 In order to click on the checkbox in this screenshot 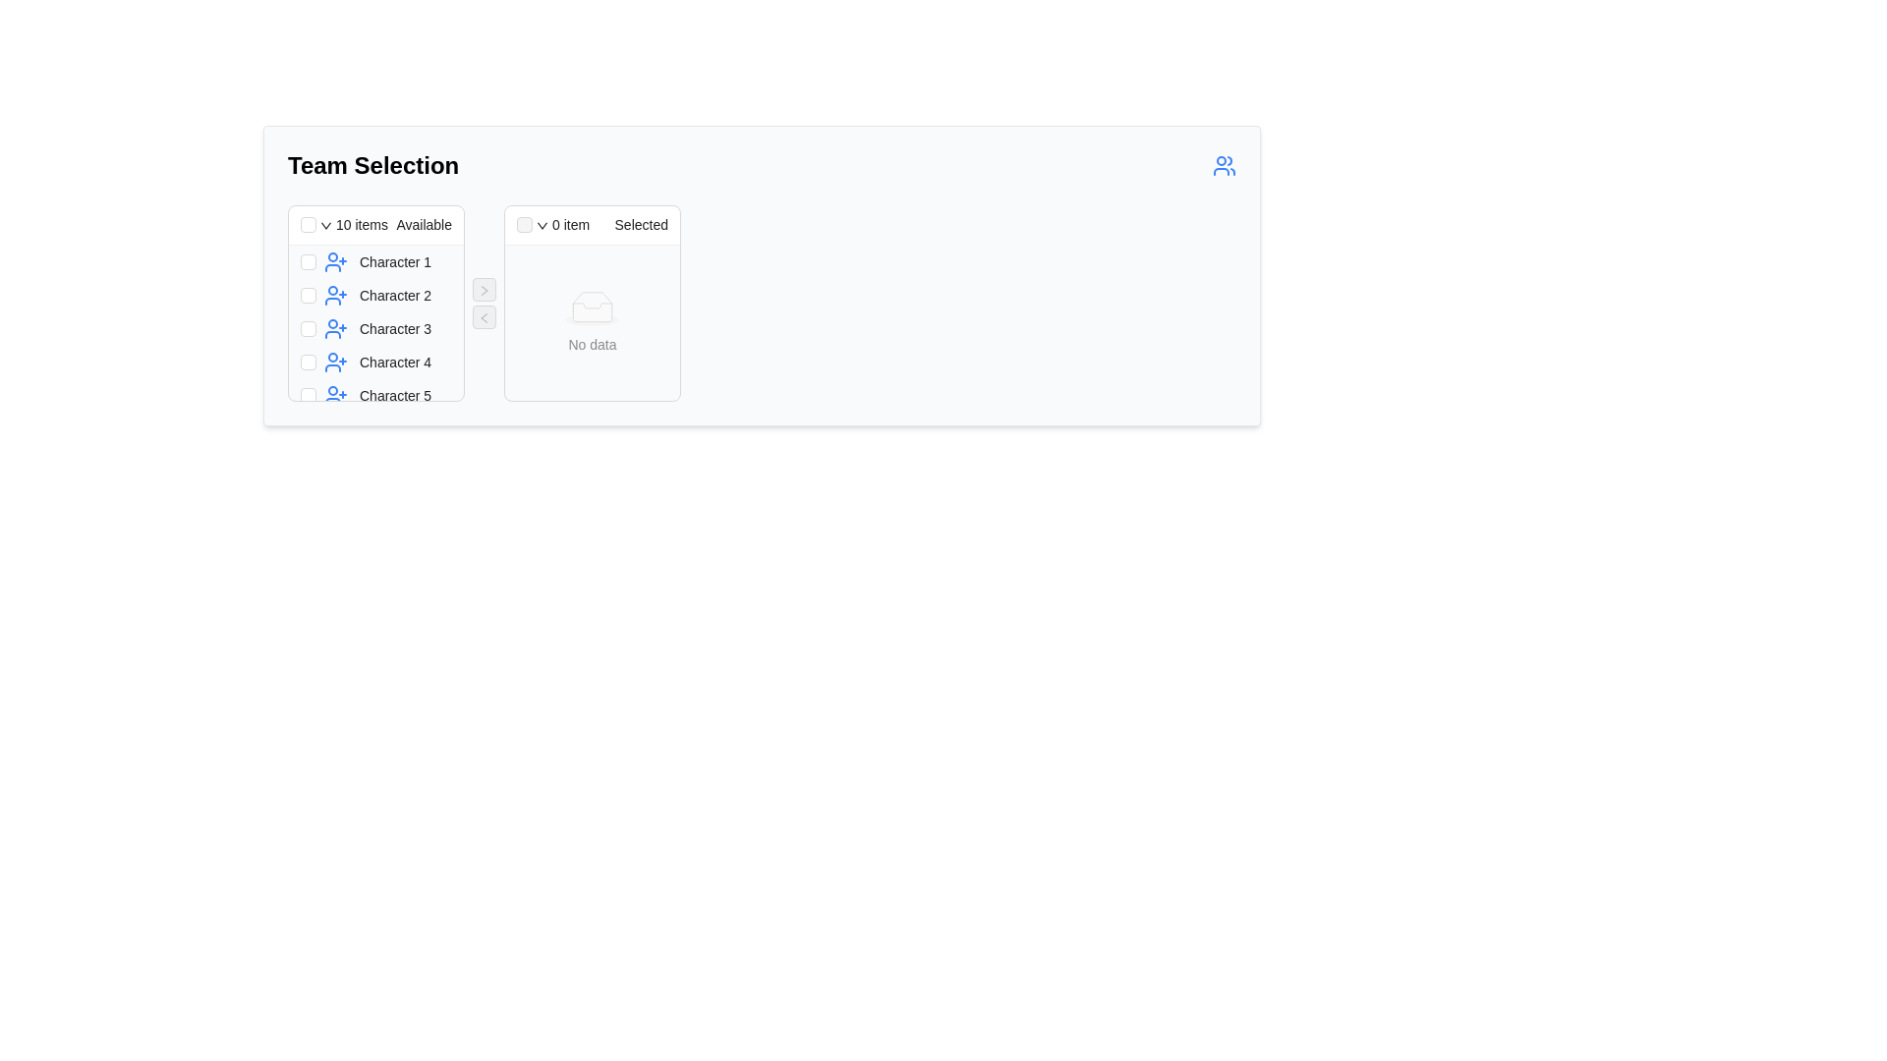, I will do `click(307, 395)`.